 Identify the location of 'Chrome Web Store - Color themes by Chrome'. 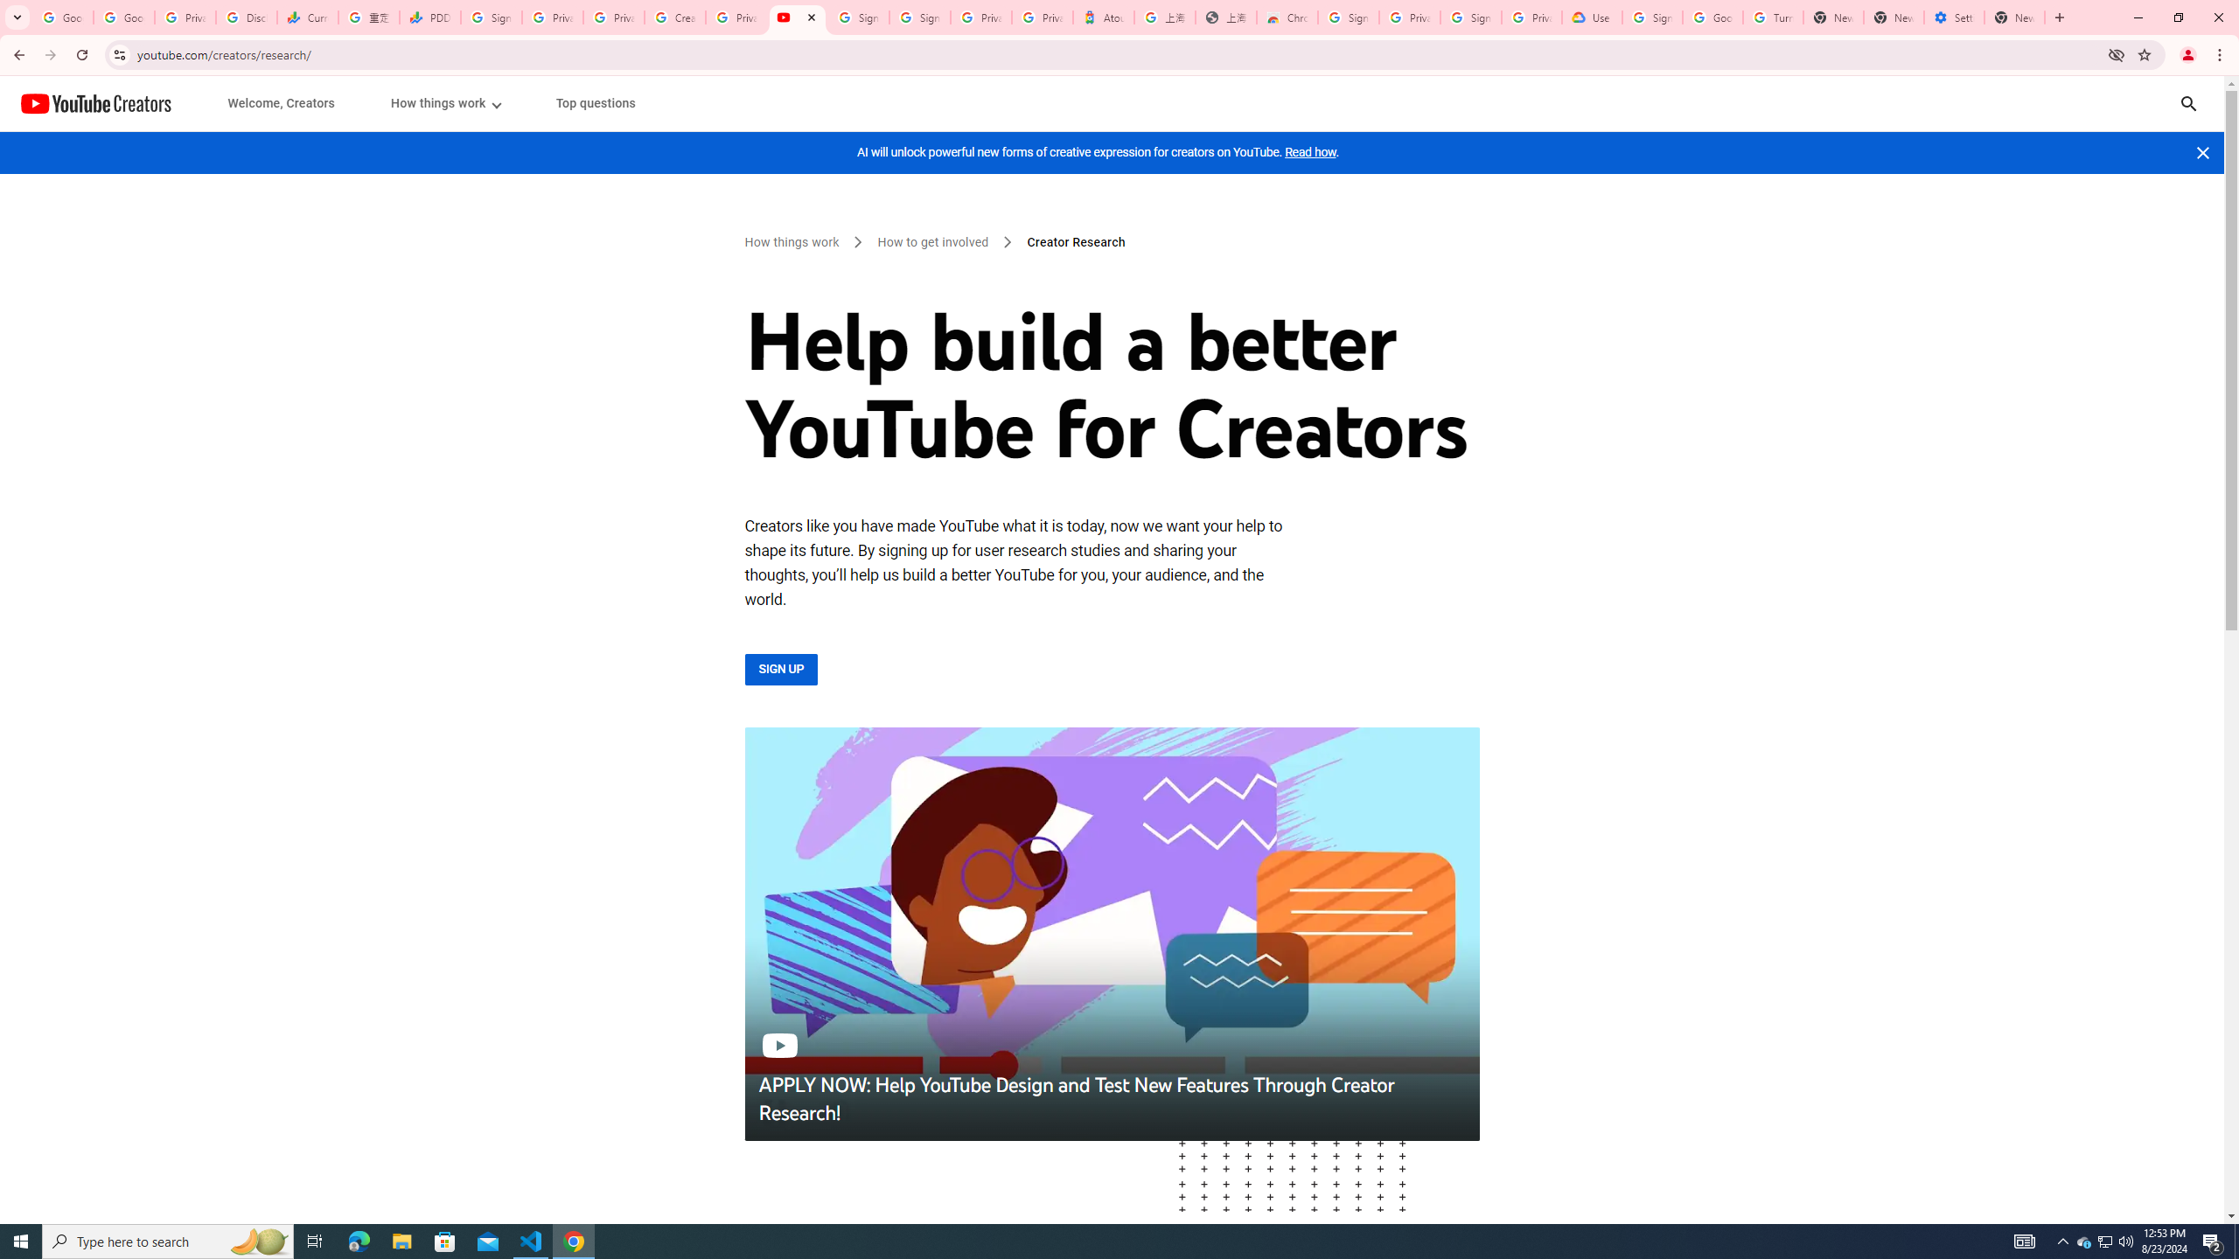
(1287, 17).